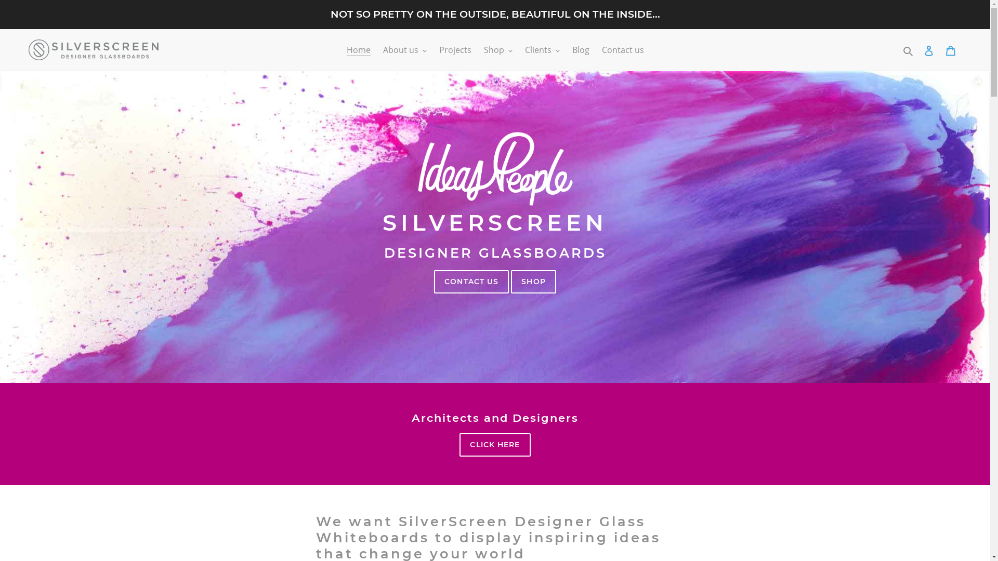  What do you see at coordinates (434, 50) in the screenshot?
I see `'Projects'` at bounding box center [434, 50].